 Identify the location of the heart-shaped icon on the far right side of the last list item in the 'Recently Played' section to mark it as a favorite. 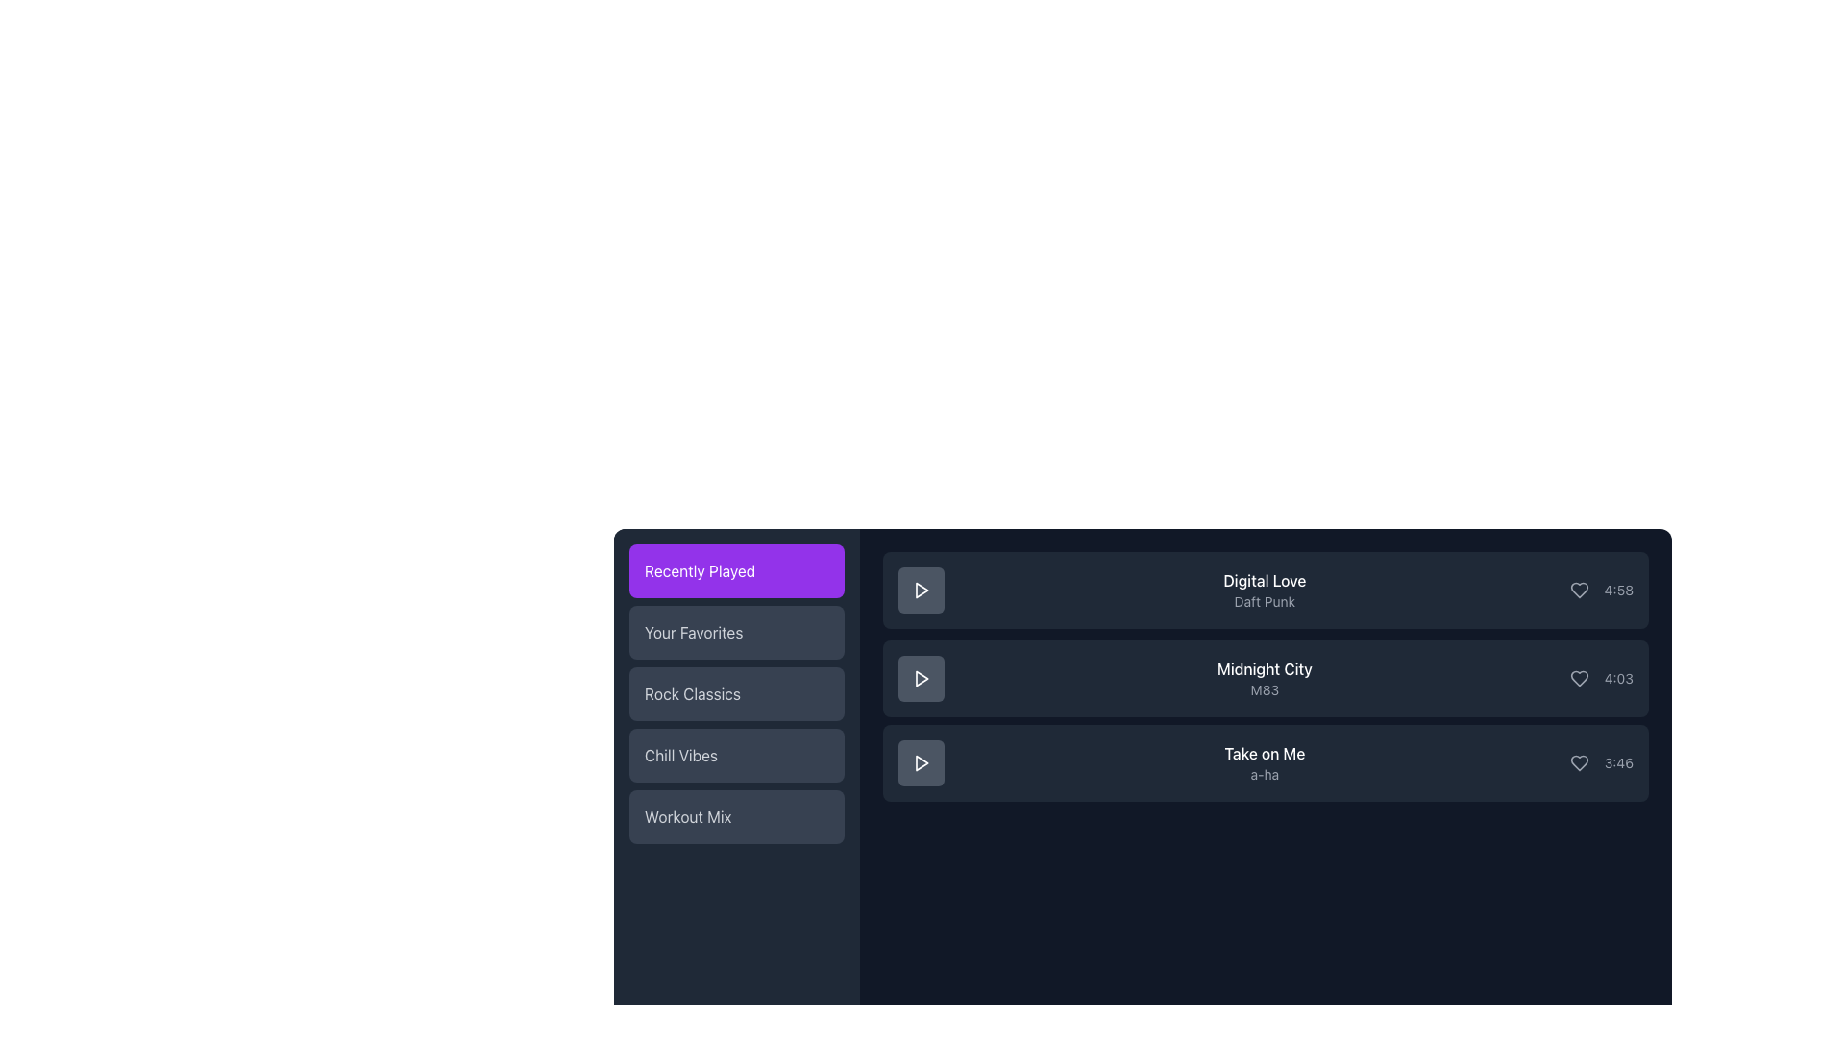
(1579, 761).